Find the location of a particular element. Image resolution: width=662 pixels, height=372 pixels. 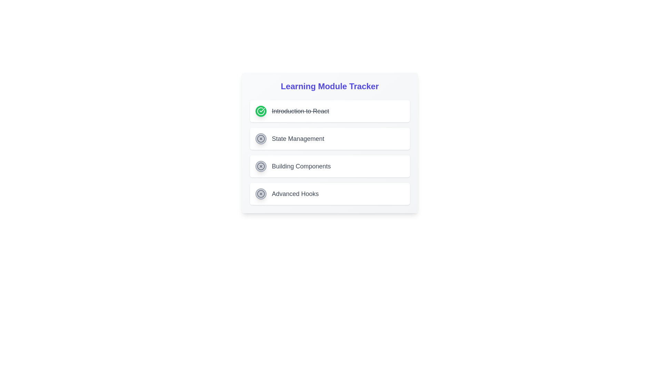

the status indicator icon located in the second row of the 'Learning Module Tracker', next to 'State Management' is located at coordinates (260, 138).